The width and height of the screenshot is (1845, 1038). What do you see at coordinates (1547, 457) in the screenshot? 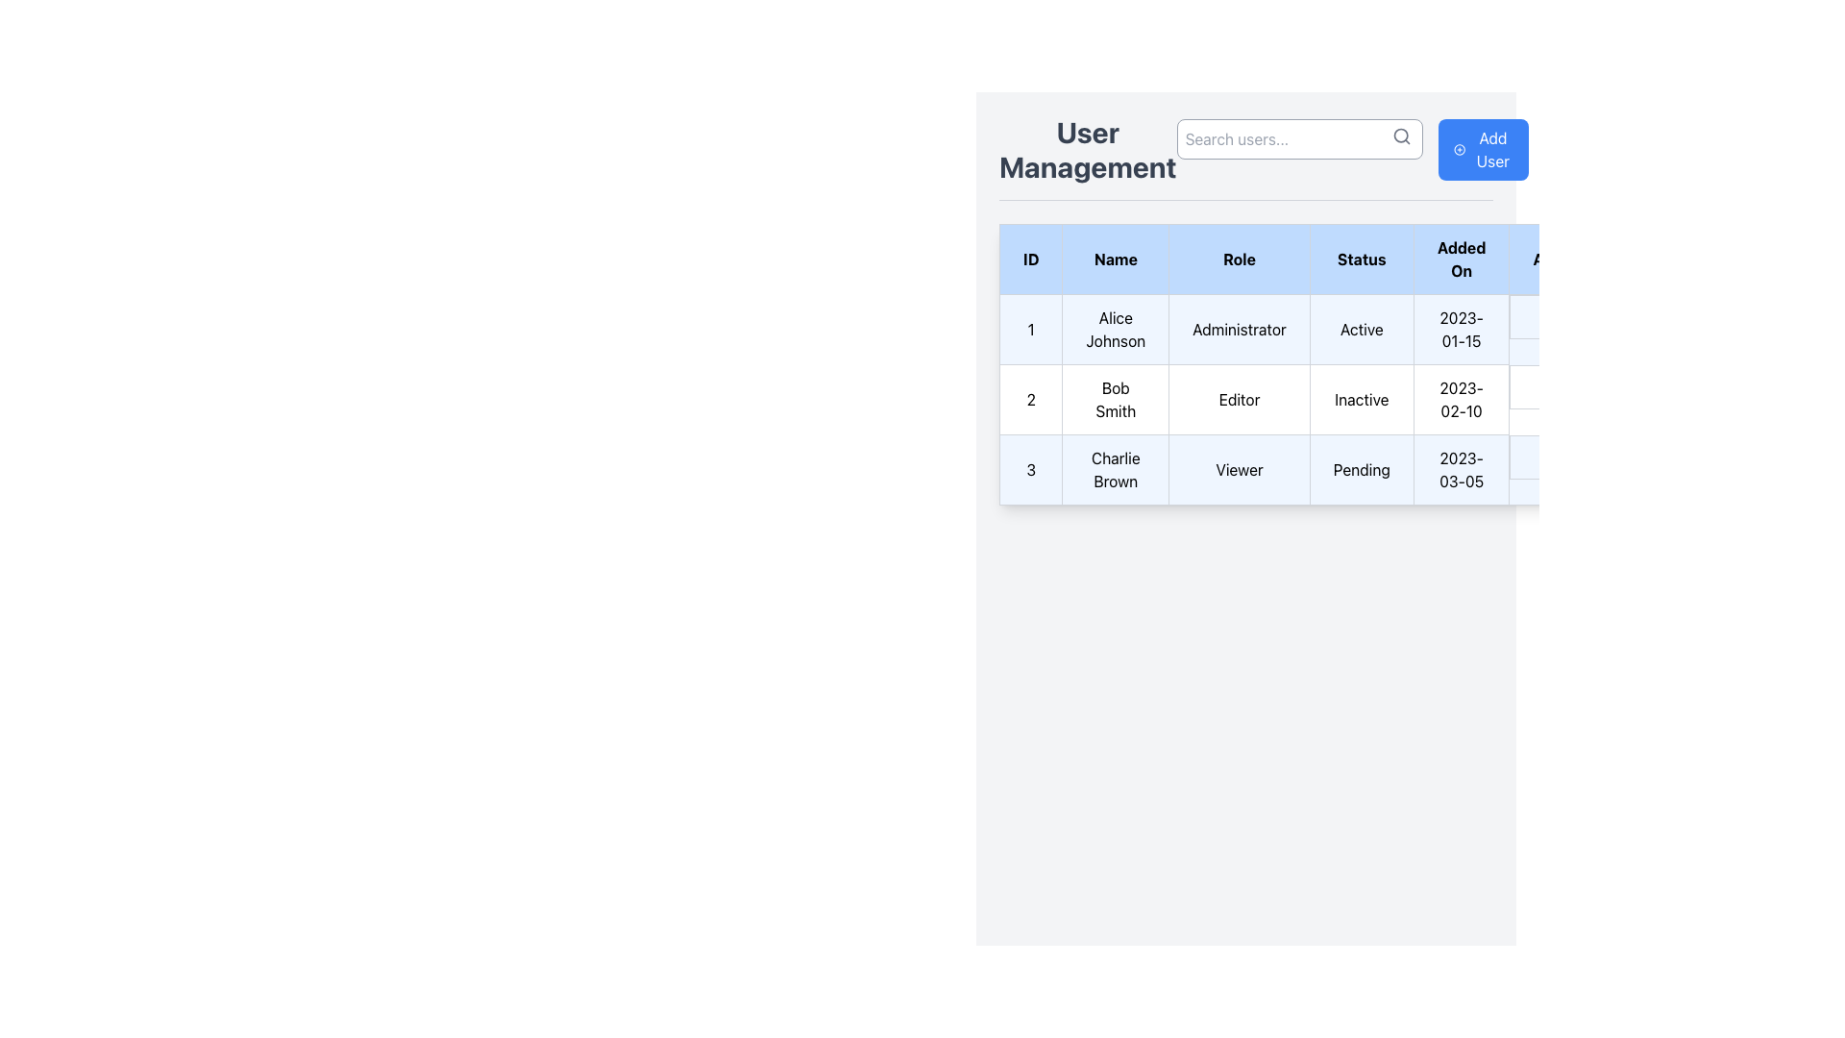
I see `the blue editable square pen button located in the 'Actions' column of the third row in the table, next to 'Charlie Brown'` at bounding box center [1547, 457].